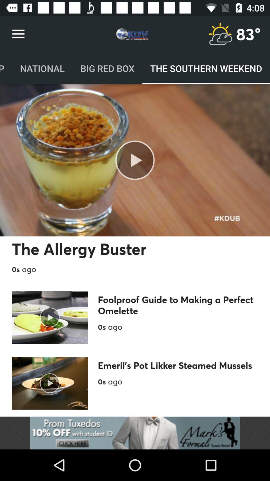 Image resolution: width=270 pixels, height=481 pixels. Describe the element at coordinates (220, 34) in the screenshot. I see `advertisement` at that location.